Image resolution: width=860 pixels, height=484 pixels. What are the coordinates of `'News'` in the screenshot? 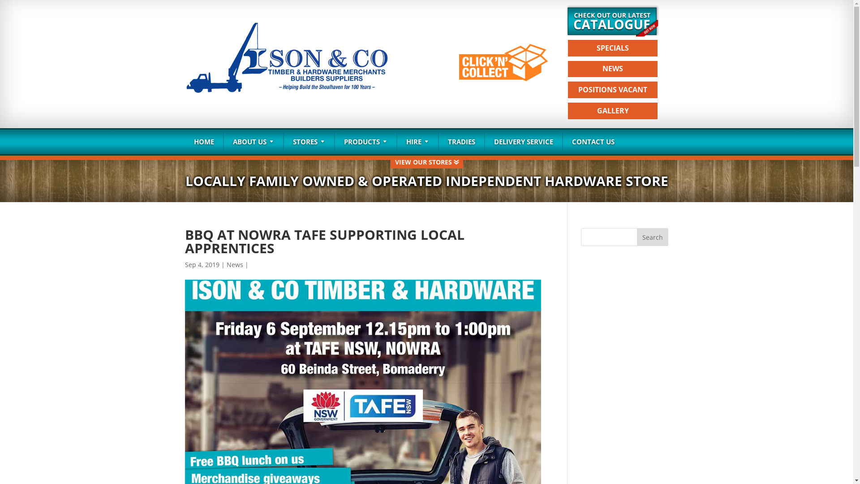 It's located at (235, 264).